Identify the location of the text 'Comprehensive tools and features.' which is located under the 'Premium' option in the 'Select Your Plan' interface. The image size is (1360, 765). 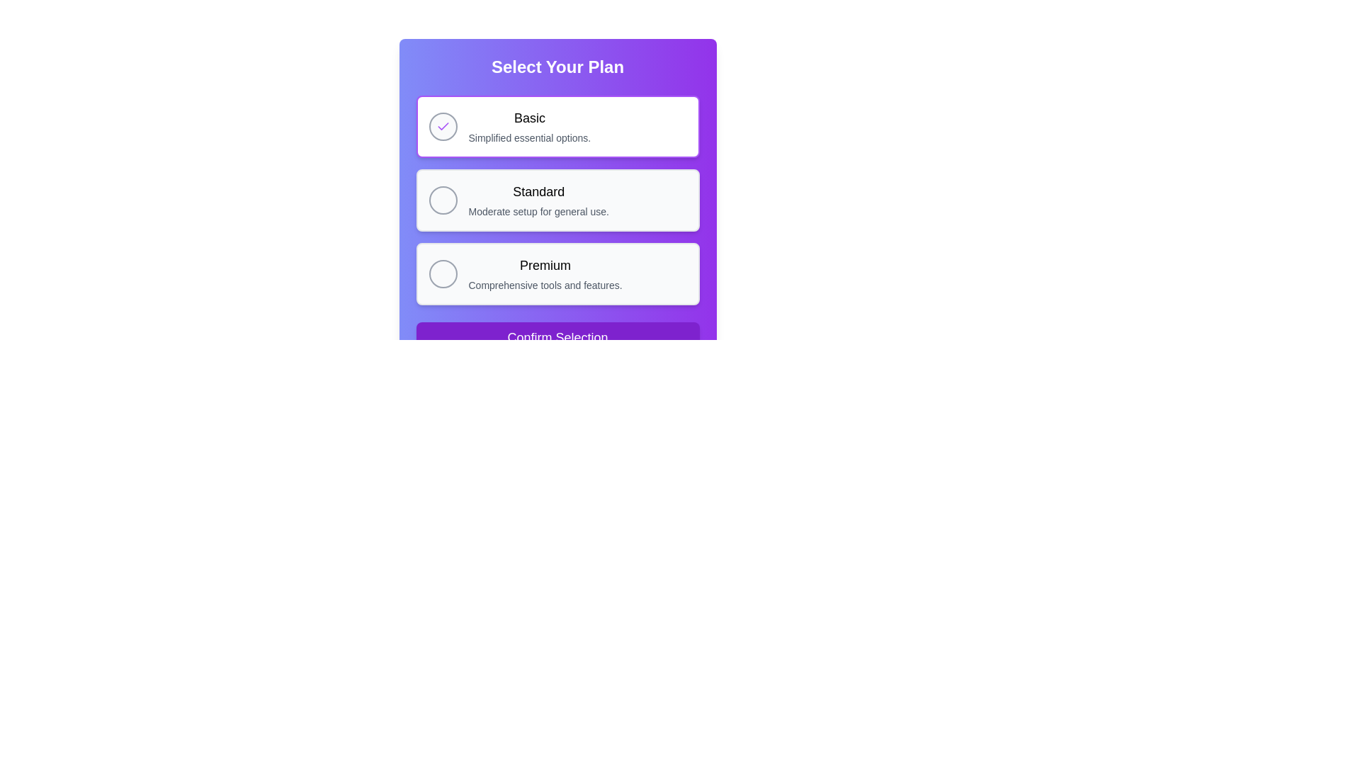
(545, 285).